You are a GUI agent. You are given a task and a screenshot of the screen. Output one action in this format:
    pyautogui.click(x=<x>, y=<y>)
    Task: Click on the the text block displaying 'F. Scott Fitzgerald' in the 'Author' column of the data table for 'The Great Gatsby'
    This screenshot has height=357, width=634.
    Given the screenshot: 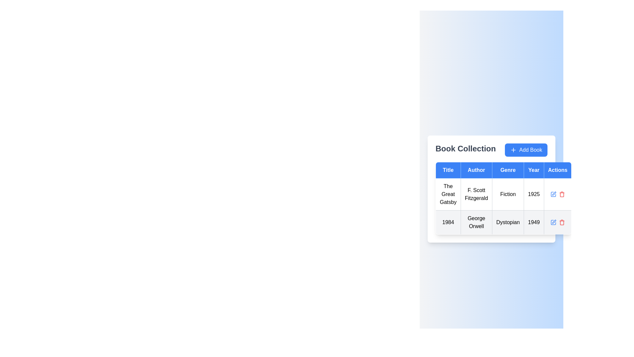 What is the action you would take?
    pyautogui.click(x=476, y=194)
    